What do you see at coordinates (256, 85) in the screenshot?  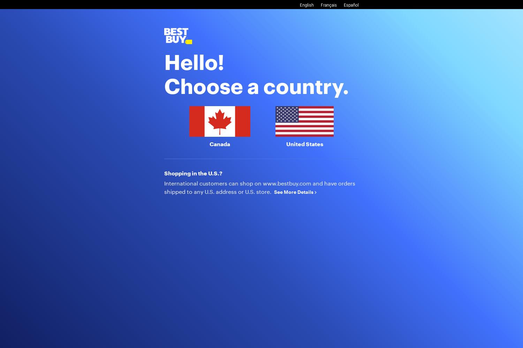 I see `'Choose a country.'` at bounding box center [256, 85].